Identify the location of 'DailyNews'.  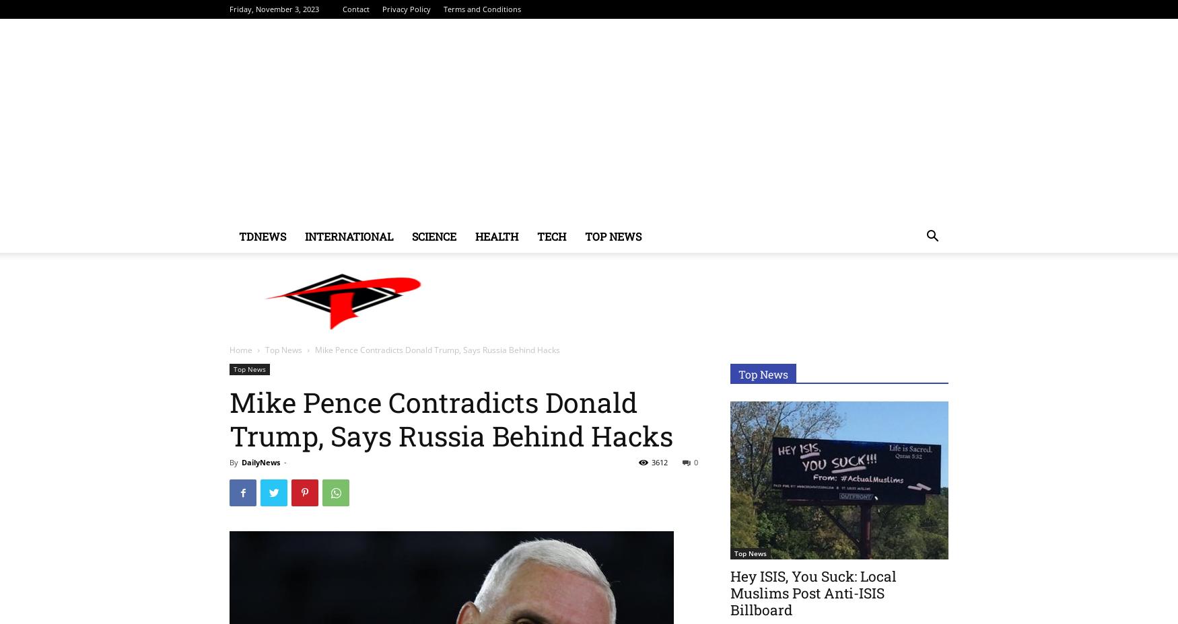
(260, 462).